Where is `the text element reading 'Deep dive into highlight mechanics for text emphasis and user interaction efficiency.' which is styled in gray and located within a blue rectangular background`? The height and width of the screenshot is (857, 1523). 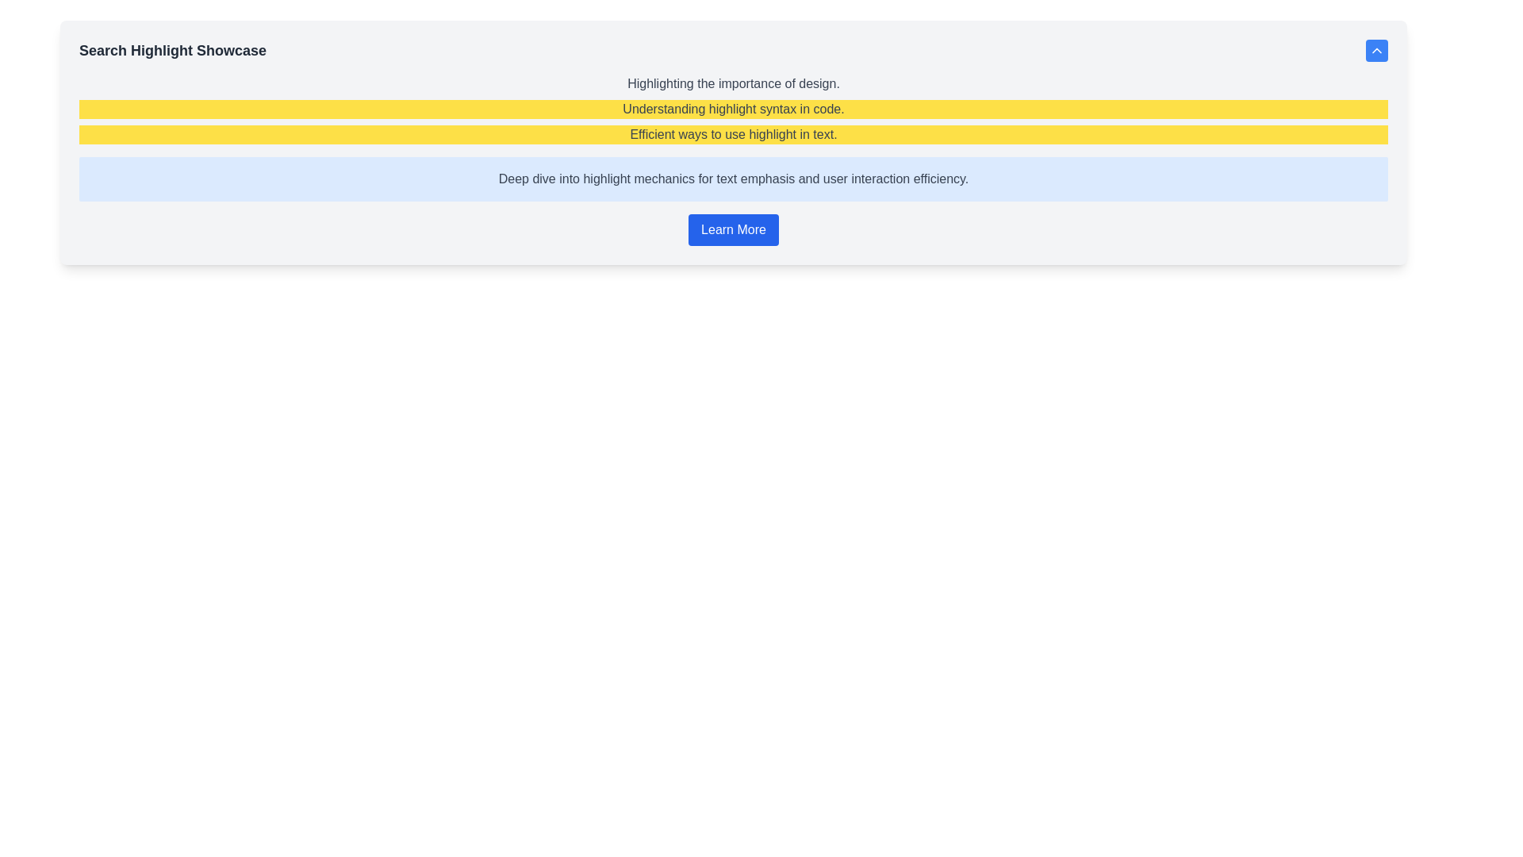
the text element reading 'Deep dive into highlight mechanics for text emphasis and user interaction efficiency.' which is styled in gray and located within a blue rectangular background is located at coordinates (733, 179).